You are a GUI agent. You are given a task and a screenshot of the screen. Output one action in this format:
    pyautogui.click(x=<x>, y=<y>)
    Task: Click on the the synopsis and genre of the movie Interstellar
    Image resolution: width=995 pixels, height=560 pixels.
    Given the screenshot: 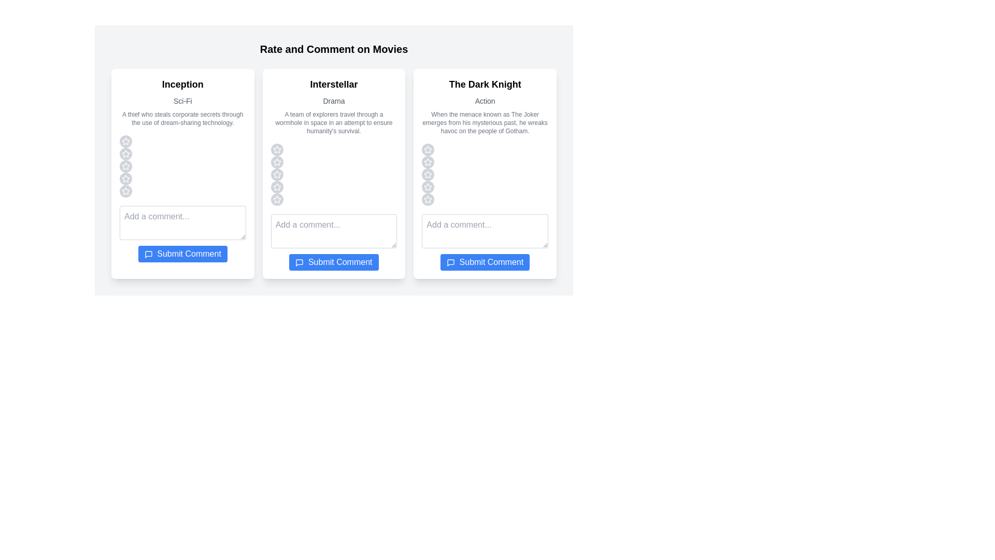 What is the action you would take?
    pyautogui.click(x=334, y=122)
    